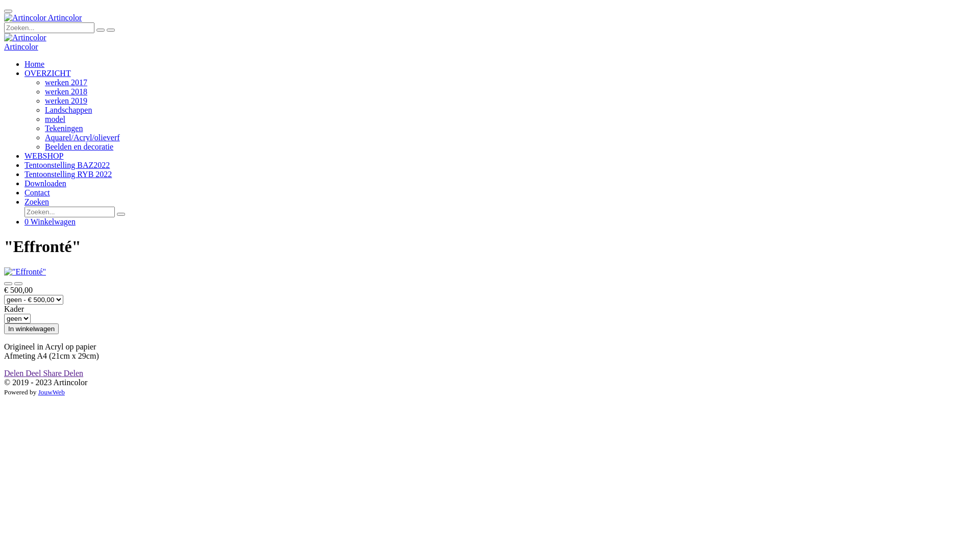  I want to click on 'Downloaden', so click(45, 183).